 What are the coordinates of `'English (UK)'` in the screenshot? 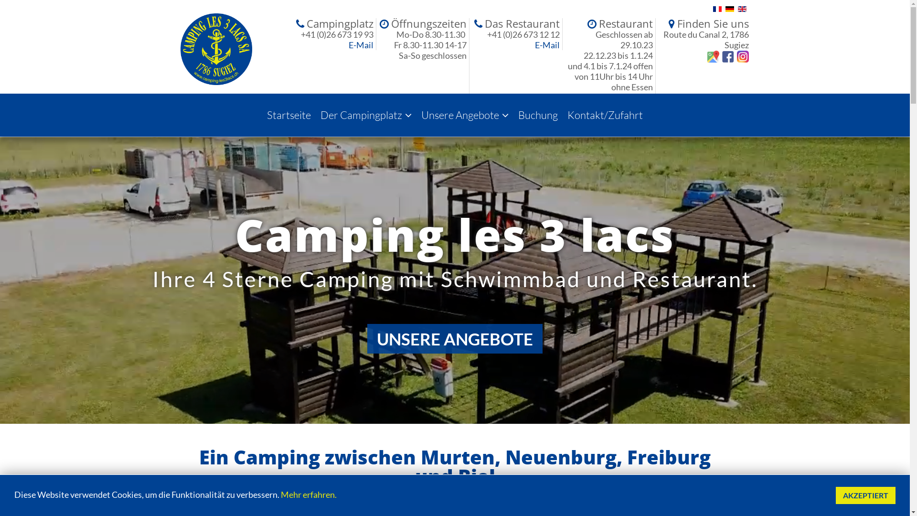 It's located at (737, 9).